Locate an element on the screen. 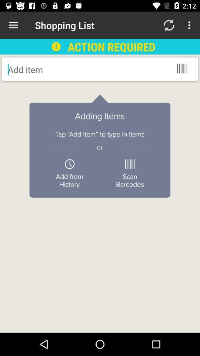 Image resolution: width=200 pixels, height=356 pixels. icon to the left of the shopping list is located at coordinates (13, 25).